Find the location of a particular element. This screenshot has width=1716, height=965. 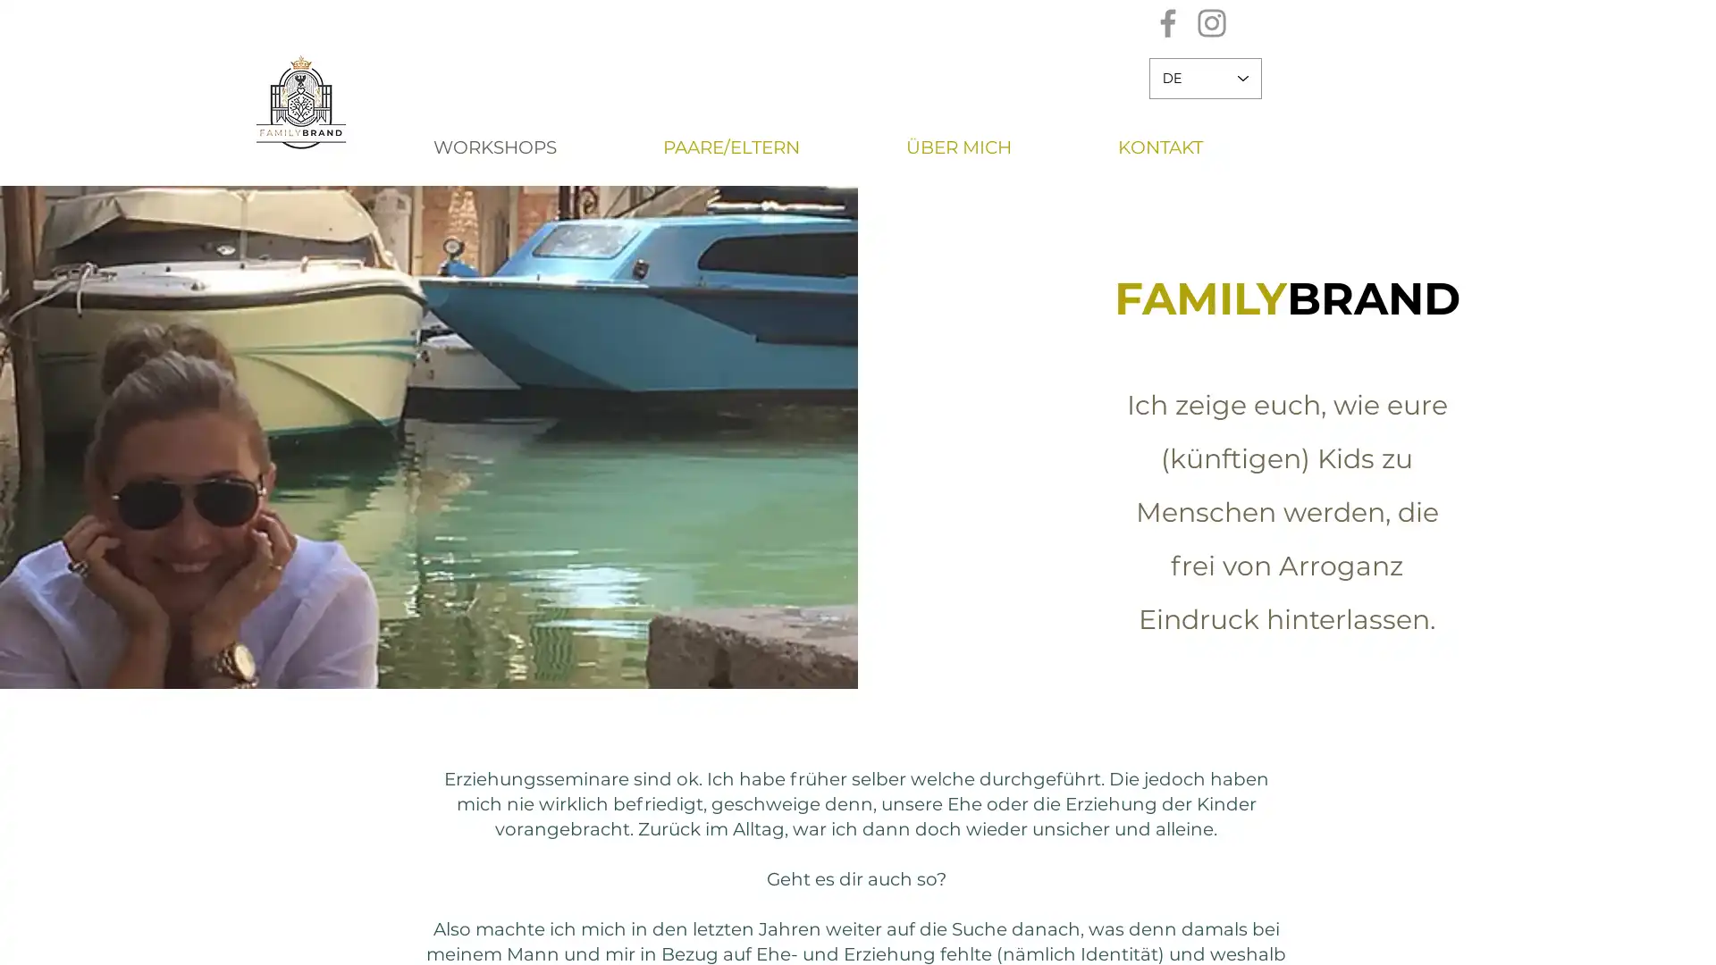

Schlieen is located at coordinates (1694, 936).